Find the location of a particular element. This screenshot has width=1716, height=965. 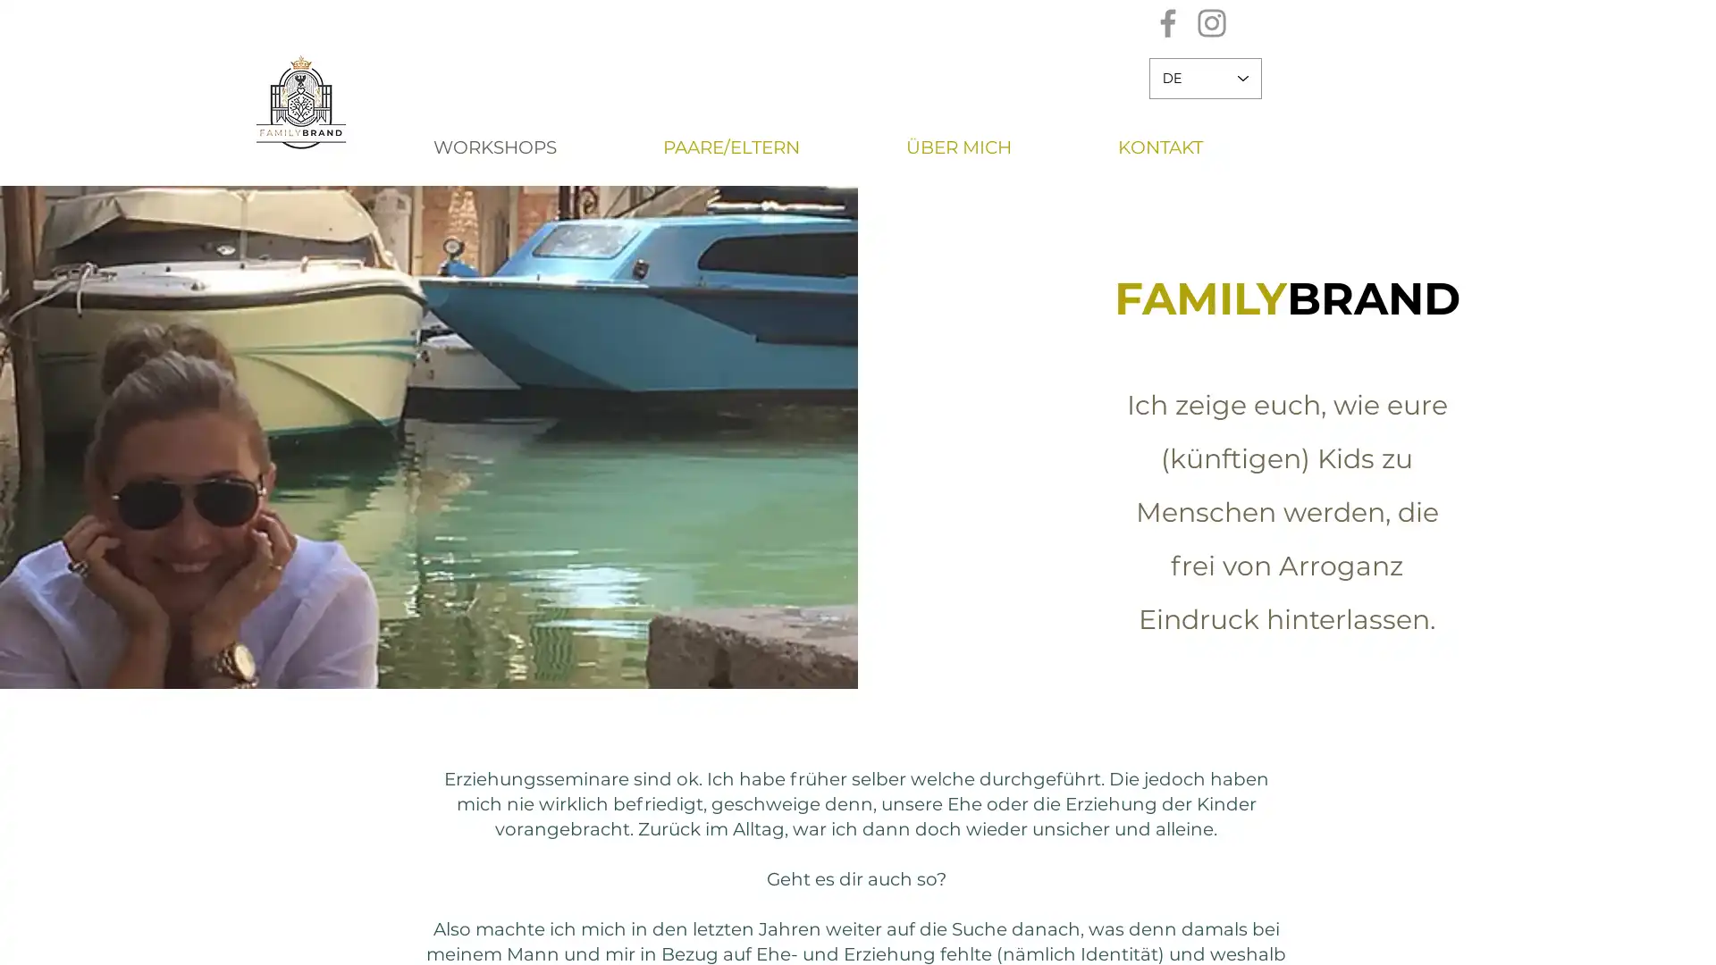

Schlieen is located at coordinates (1694, 936).